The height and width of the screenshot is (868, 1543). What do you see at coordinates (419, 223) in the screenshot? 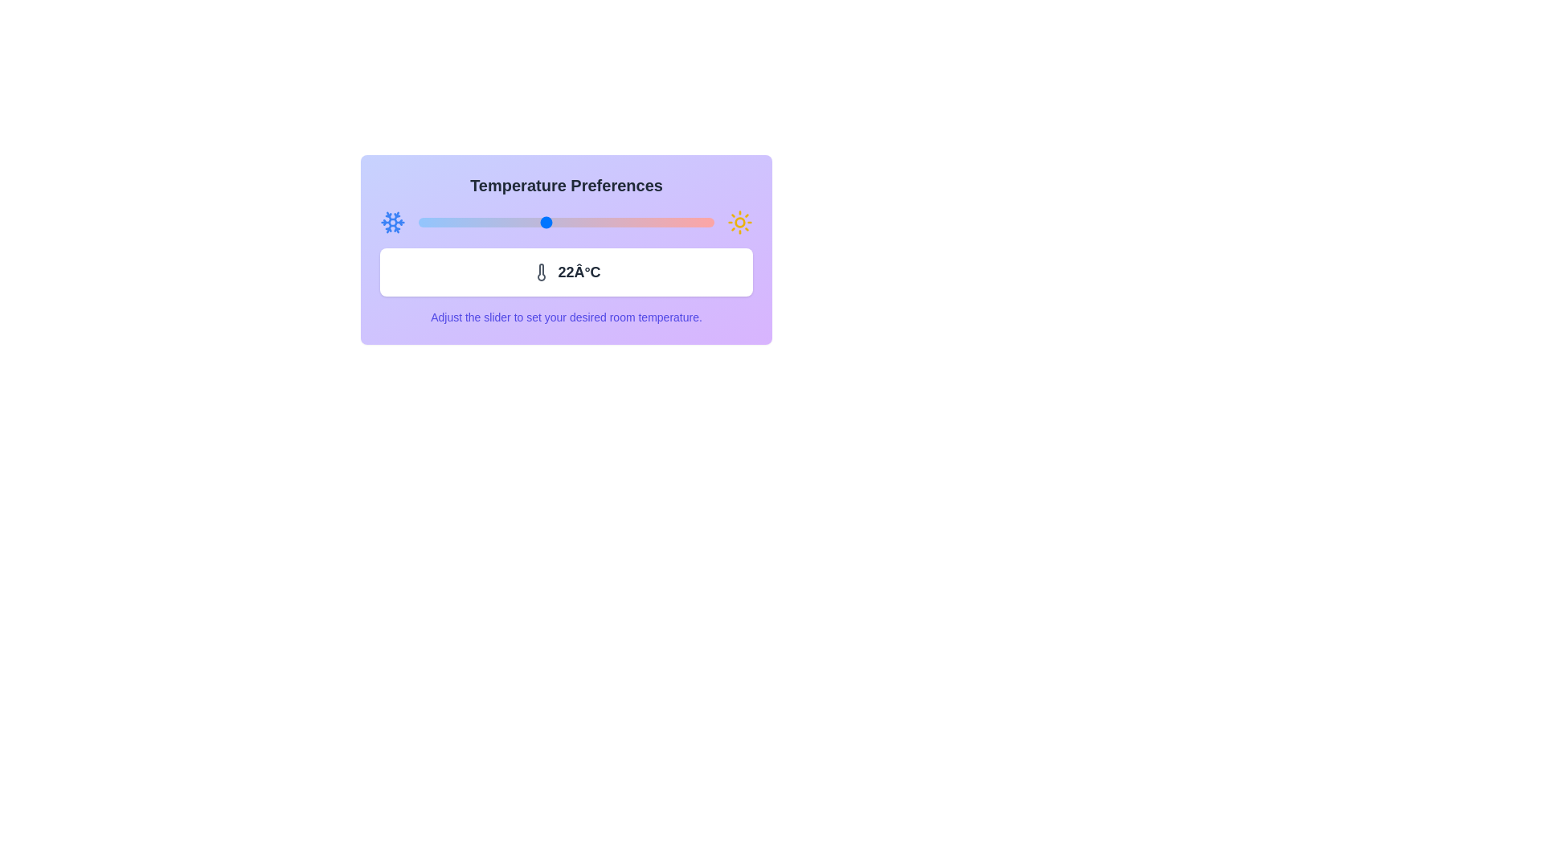
I see `the slider to set the temperature to 16°C` at bounding box center [419, 223].